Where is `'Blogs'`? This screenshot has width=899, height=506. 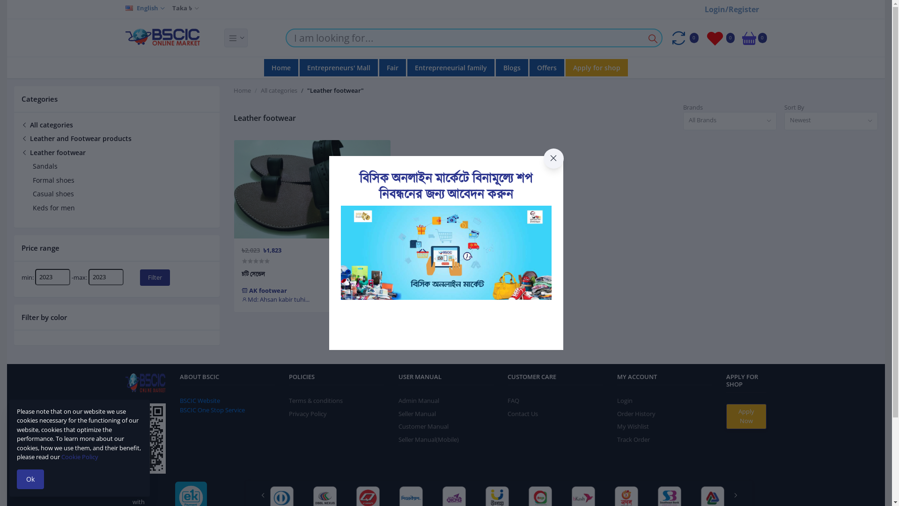
'Blogs' is located at coordinates (511, 67).